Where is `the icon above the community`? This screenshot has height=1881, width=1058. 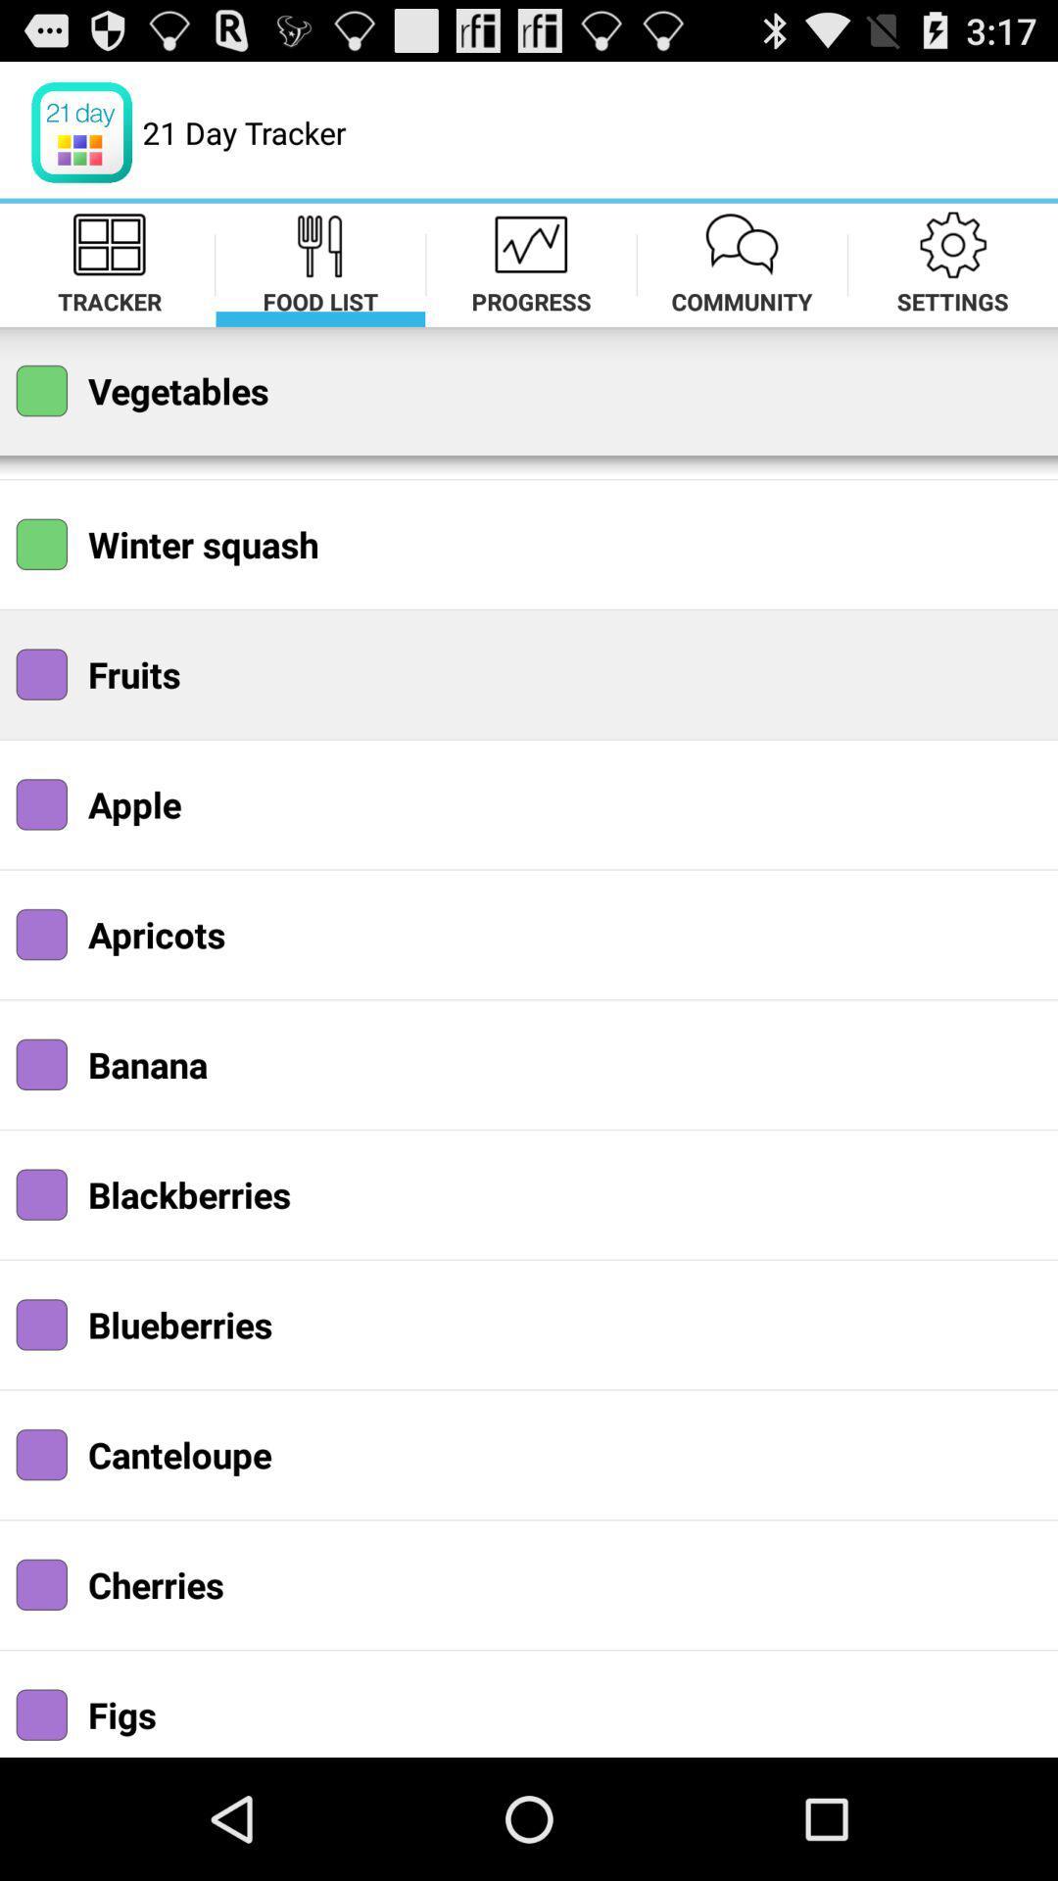
the icon above the community is located at coordinates (743, 243).